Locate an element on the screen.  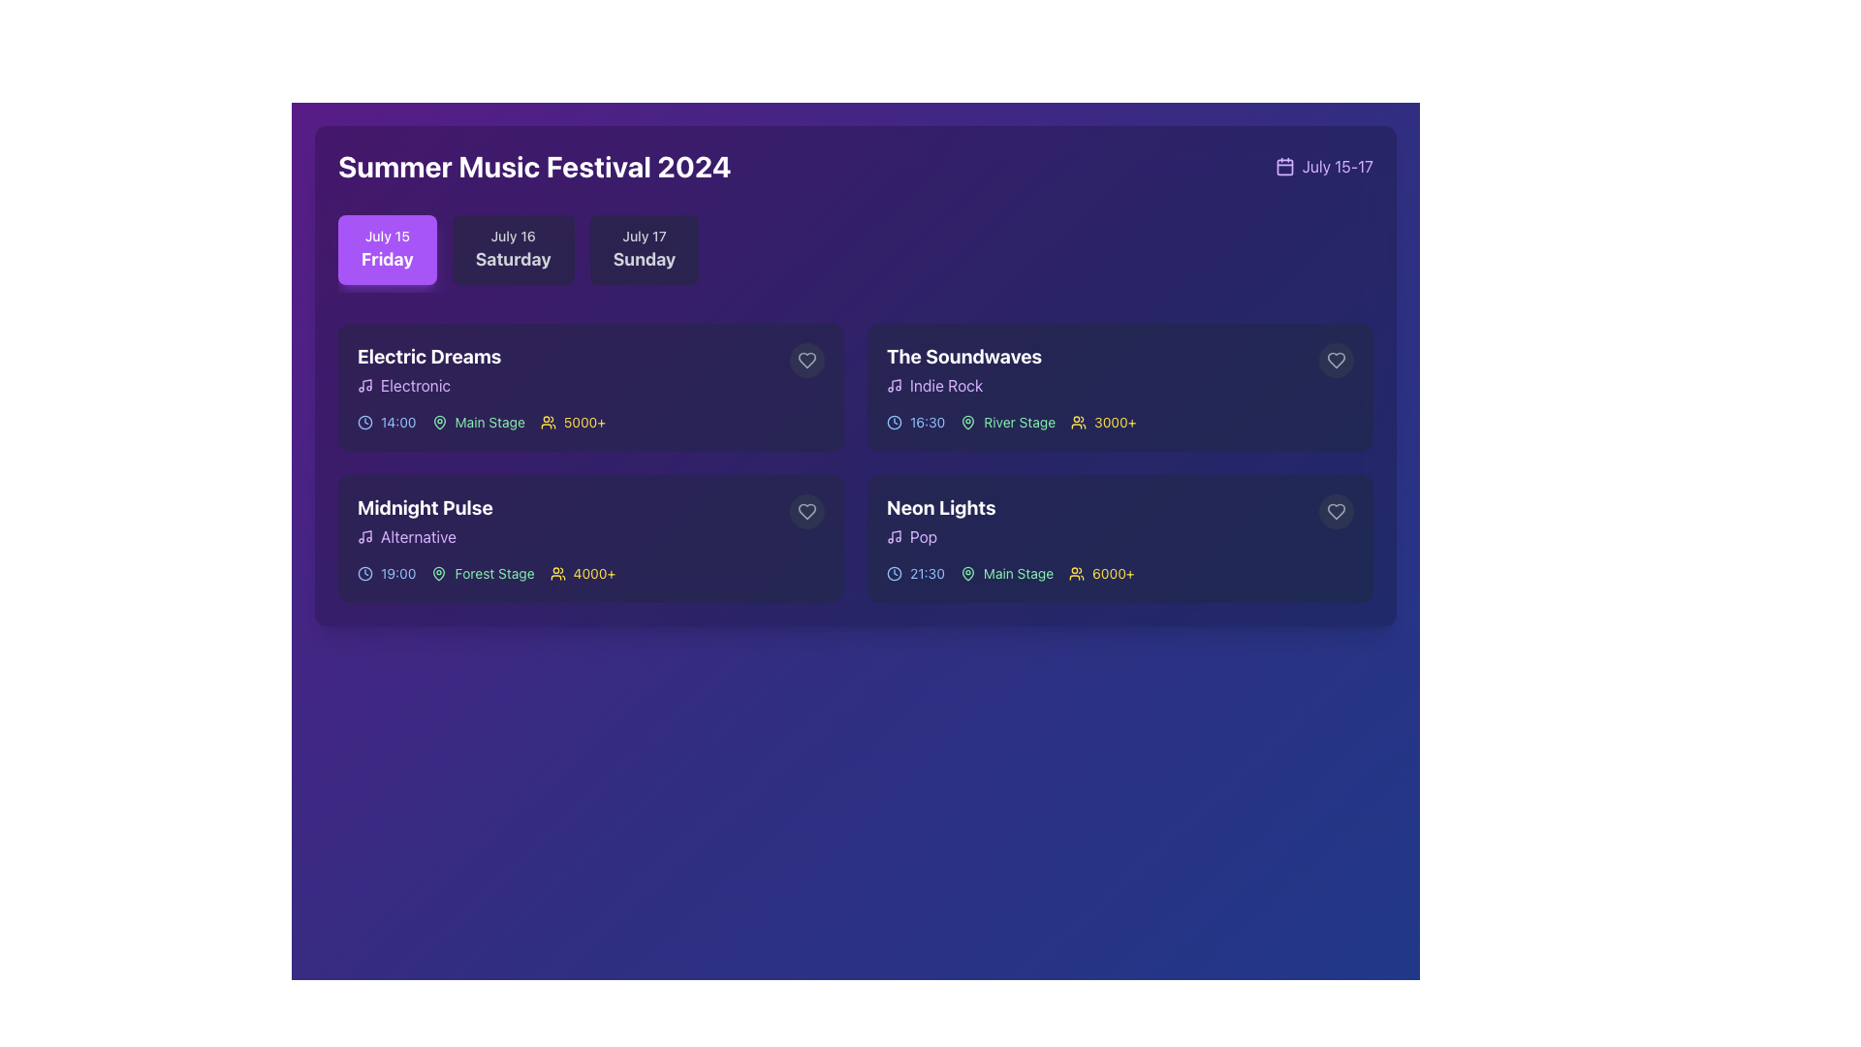
the SVG circle that forms the perimeter of the clock icon located in the top right corner of the event card is located at coordinates (893, 421).